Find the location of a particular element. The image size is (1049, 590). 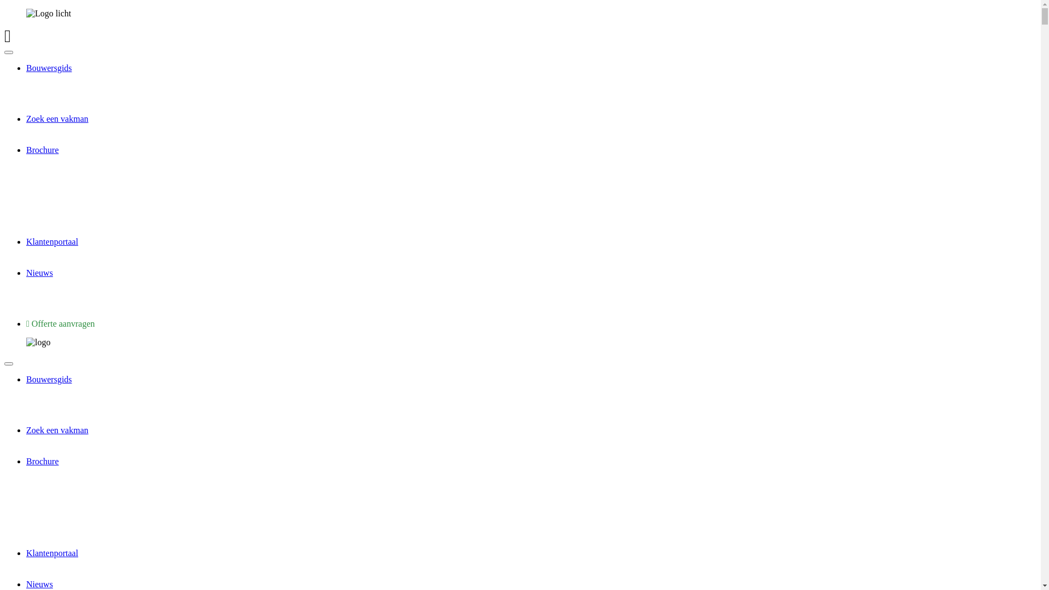

'Zoek een vakman' is located at coordinates (57, 119).